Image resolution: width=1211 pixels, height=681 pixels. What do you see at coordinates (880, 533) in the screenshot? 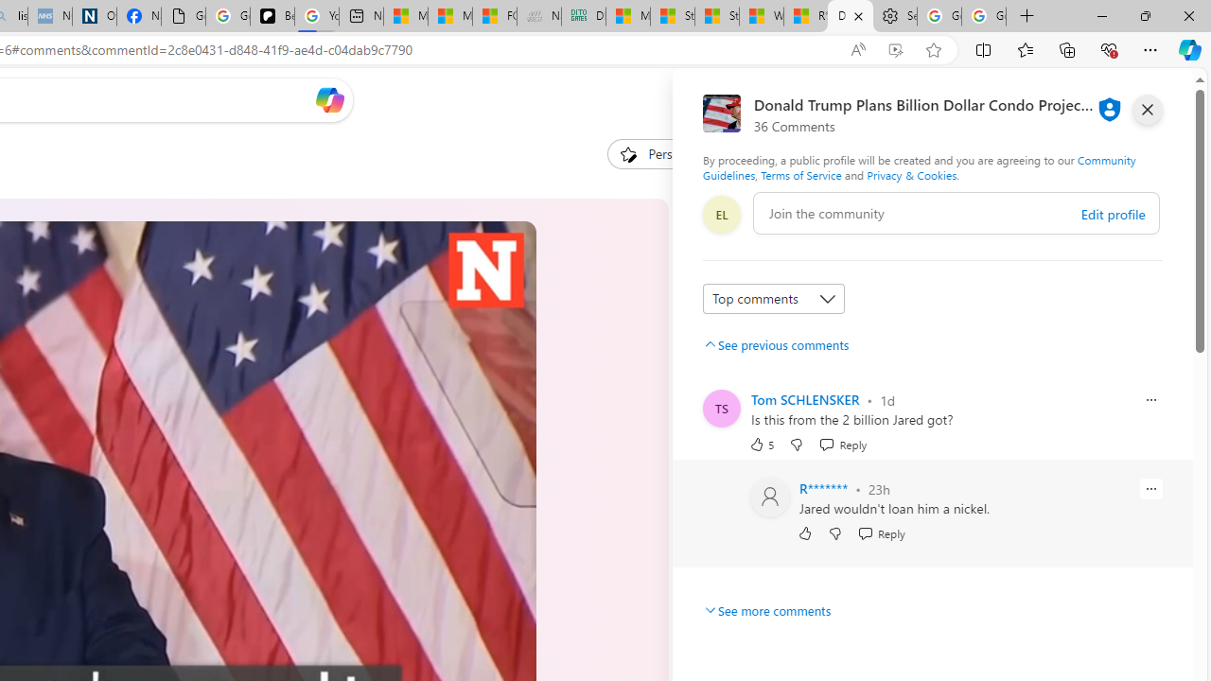
I see `'Reply Reply Comment'` at bounding box center [880, 533].